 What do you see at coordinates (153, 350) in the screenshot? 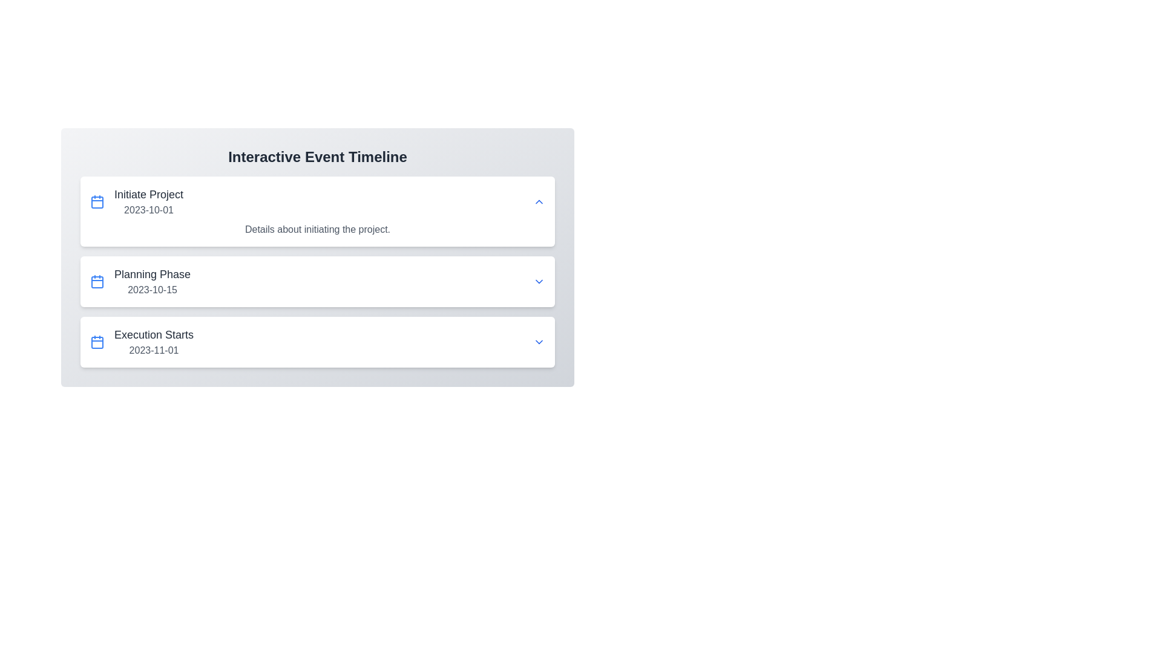
I see `the text element indicating the date associated with the 'Execution Starts' event, which is aligned towards the right below the main event title` at bounding box center [153, 350].